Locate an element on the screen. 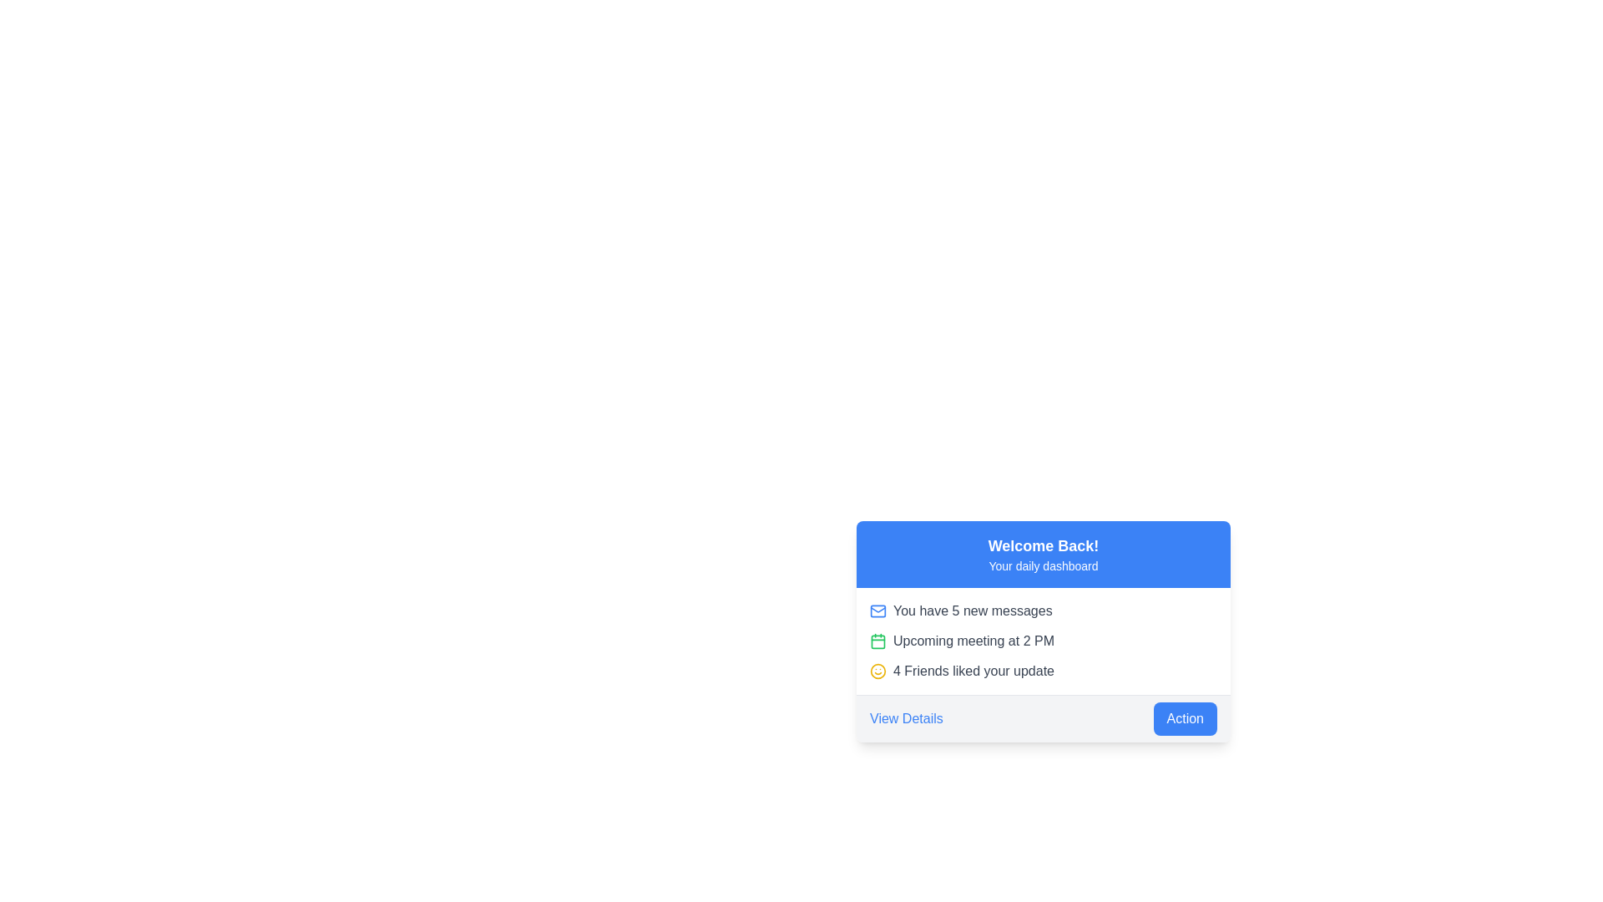  the descriptive subtitle text located in the blue header area of the card-like UI component, positioned beneath the 'Welcome Back!' text is located at coordinates (1042, 565).